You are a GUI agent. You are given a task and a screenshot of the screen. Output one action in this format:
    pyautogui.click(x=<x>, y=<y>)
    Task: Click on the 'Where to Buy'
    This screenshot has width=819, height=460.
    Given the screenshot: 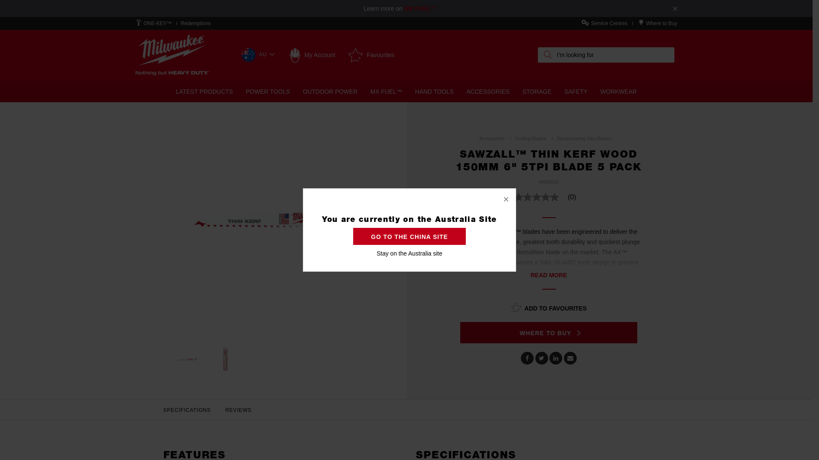 What is the action you would take?
    pyautogui.click(x=661, y=23)
    